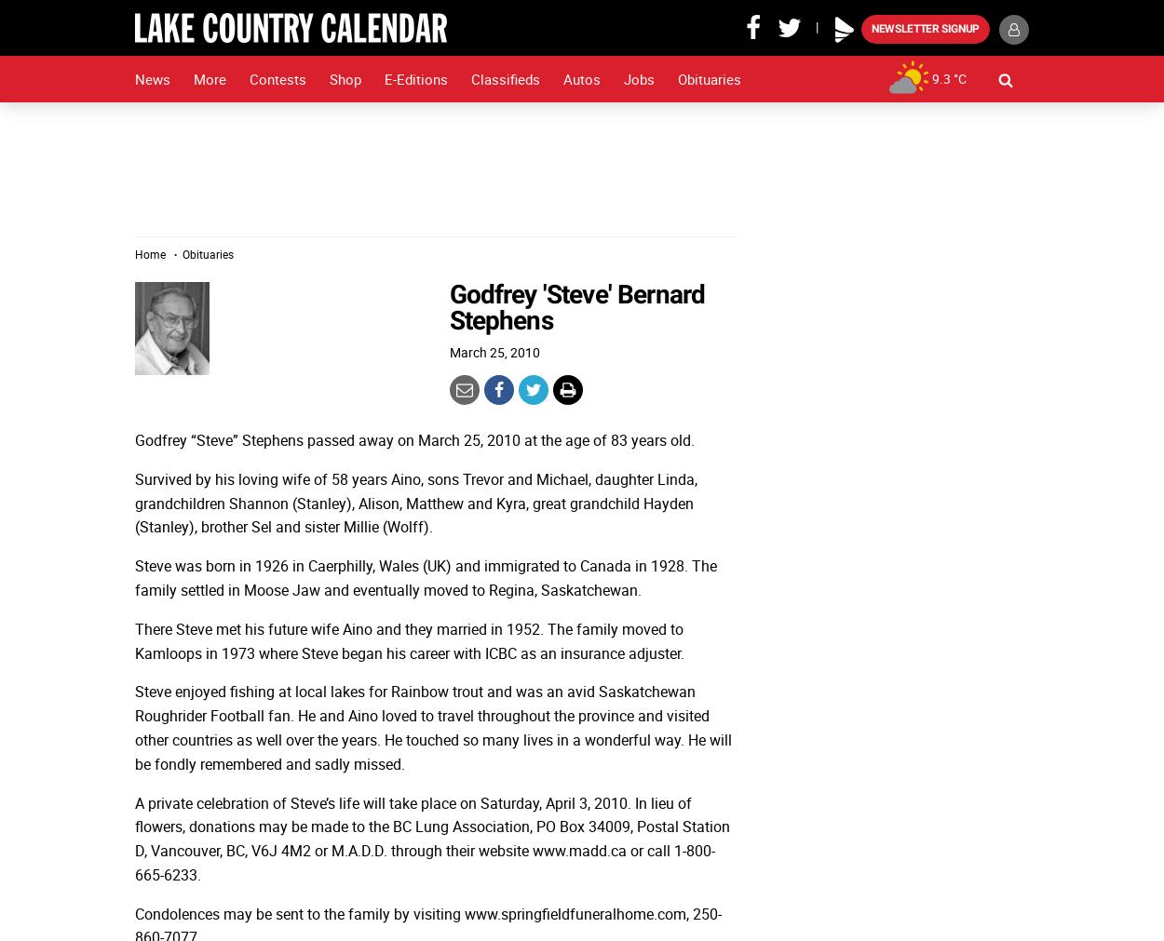 The height and width of the screenshot is (941, 1164). Describe the element at coordinates (639, 78) in the screenshot. I see `'Jobs'` at that location.